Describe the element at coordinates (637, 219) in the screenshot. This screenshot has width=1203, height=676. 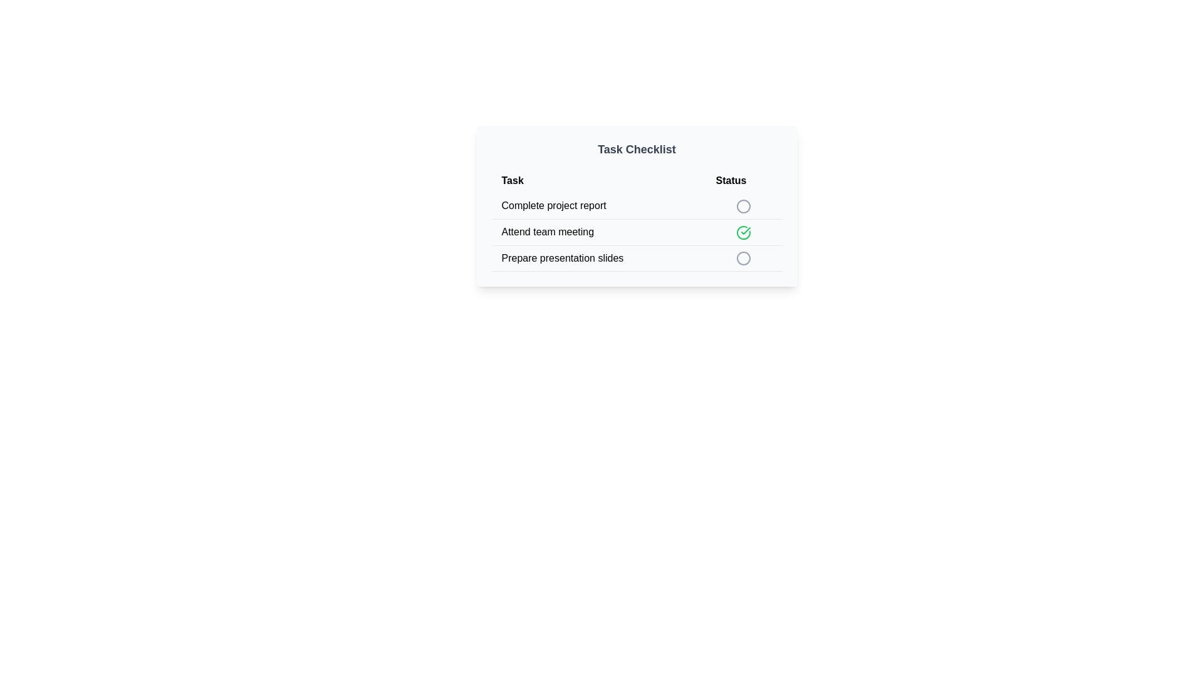
I see `task checklist table located below the 'Task Checklist' title, which displays tasks and their statuses in a structured format` at that location.